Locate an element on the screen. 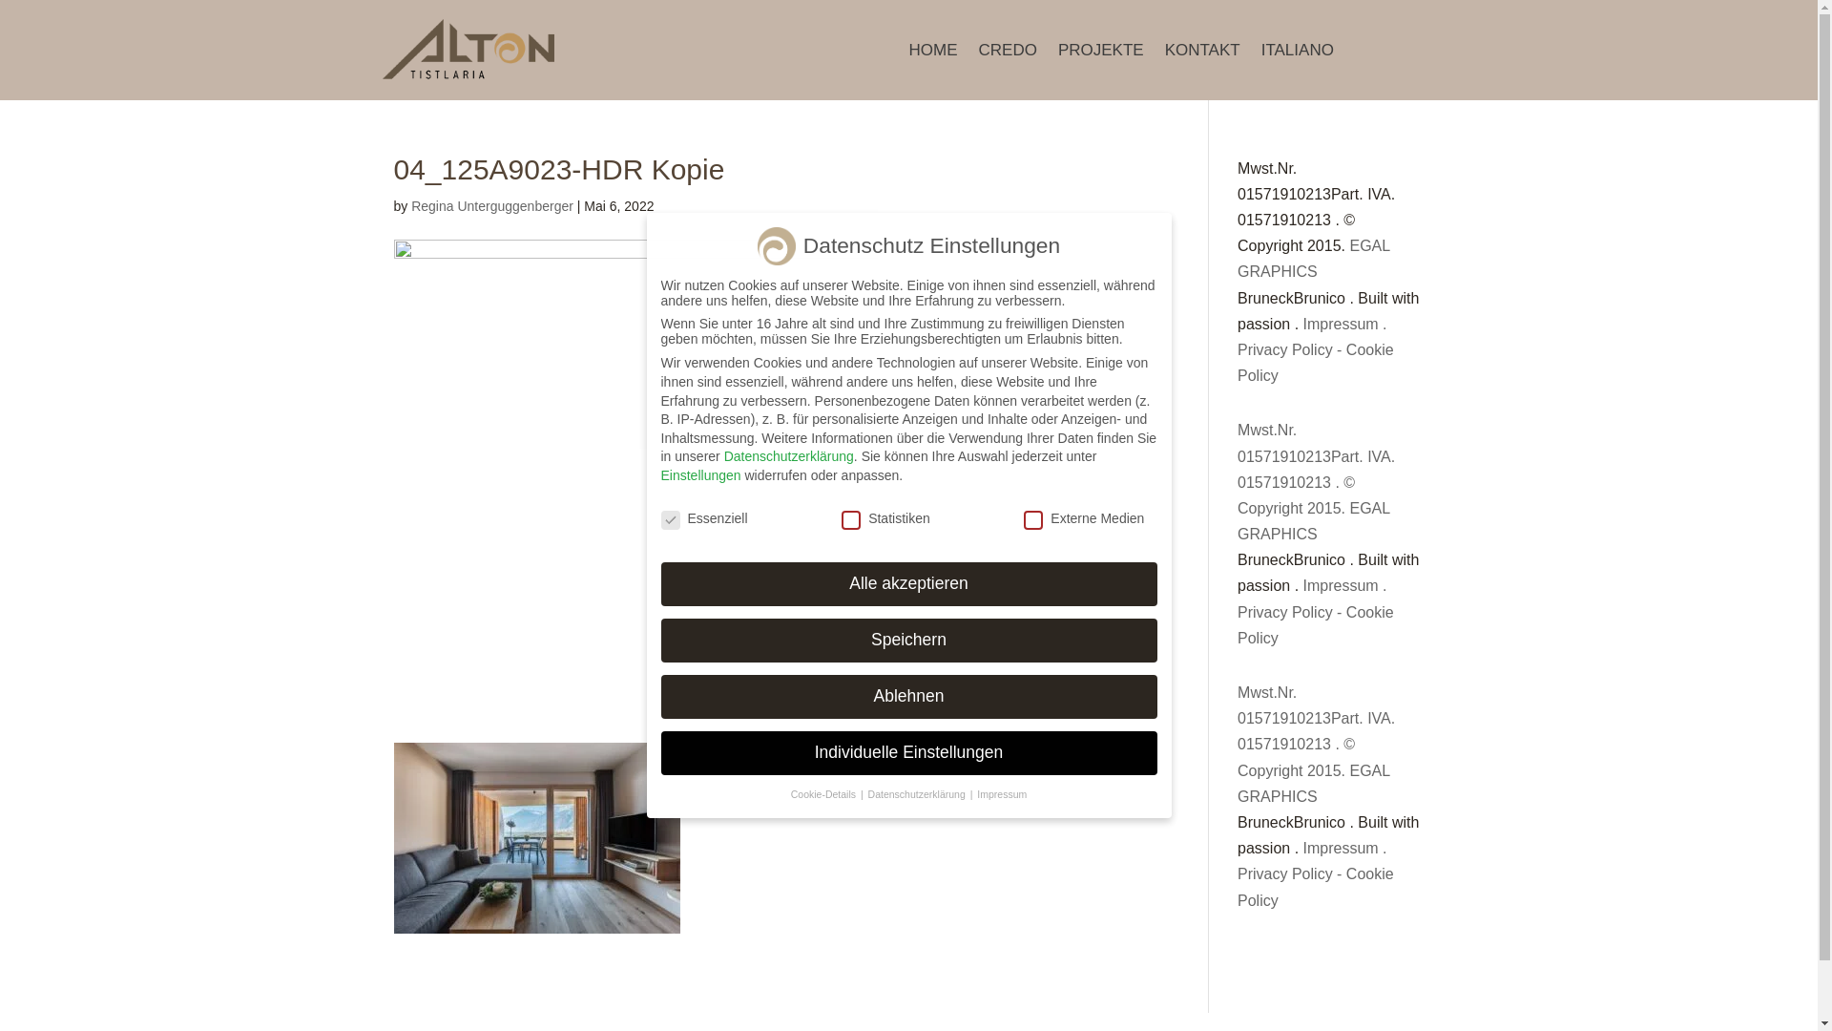 Image resolution: width=1832 pixels, height=1031 pixels. 'Ablehnen' is located at coordinates (906, 696).